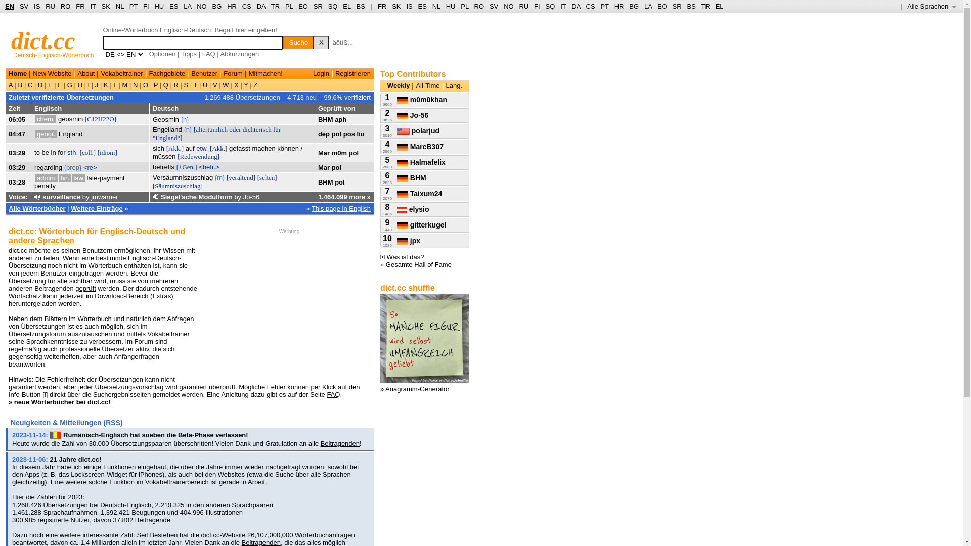 Image resolution: width=971 pixels, height=546 pixels. I want to click on 'Z', so click(255, 84).